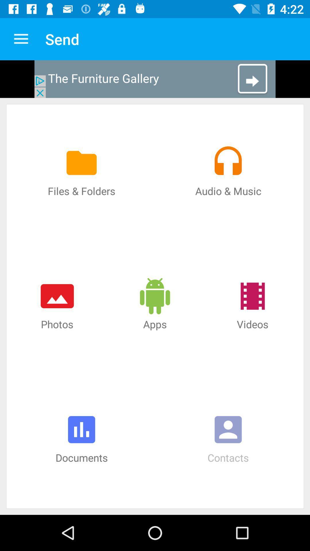 The width and height of the screenshot is (310, 551). Describe the element at coordinates (155, 79) in the screenshot. I see `see advertisement` at that location.